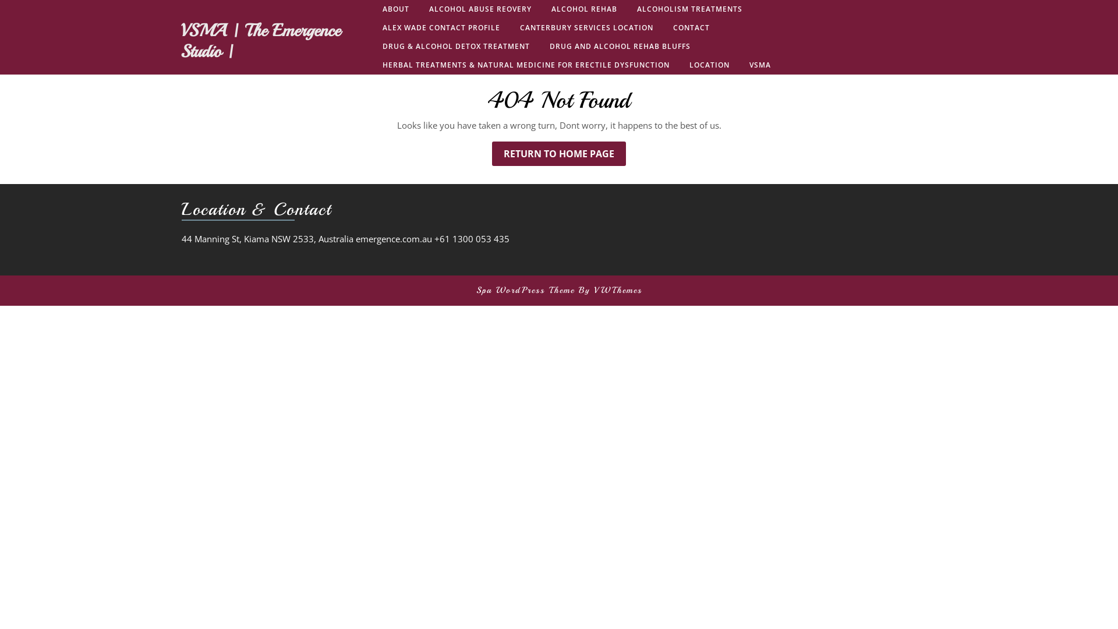 The width and height of the screenshot is (1118, 629). Describe the element at coordinates (586, 27) in the screenshot. I see `'CANTERBURY SERVICES LOCATION'` at that location.